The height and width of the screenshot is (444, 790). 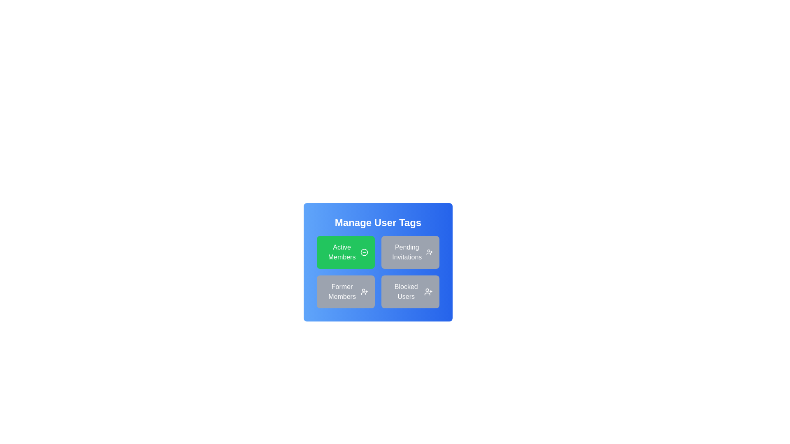 What do you see at coordinates (410, 252) in the screenshot?
I see `the 'Pending Invitations' button-like panel, which is a rectangular panel with rounded corners, gray background, and centered white text, located in the top-right section of the grid` at bounding box center [410, 252].